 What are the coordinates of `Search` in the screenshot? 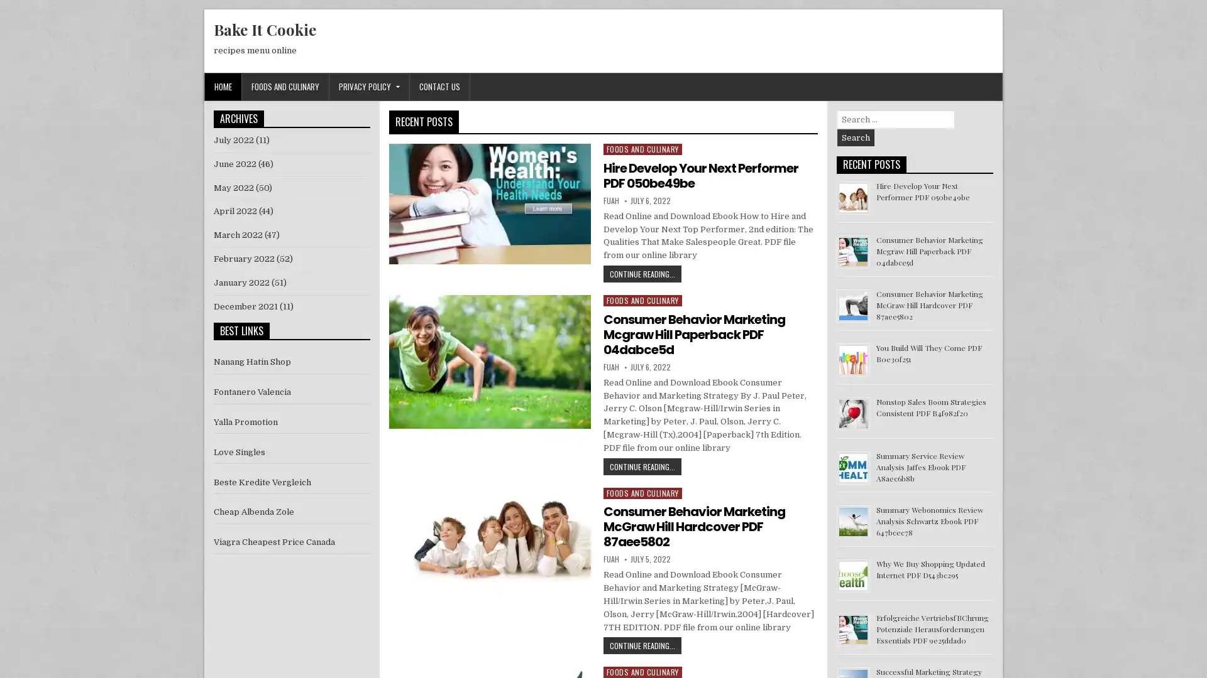 It's located at (855, 137).